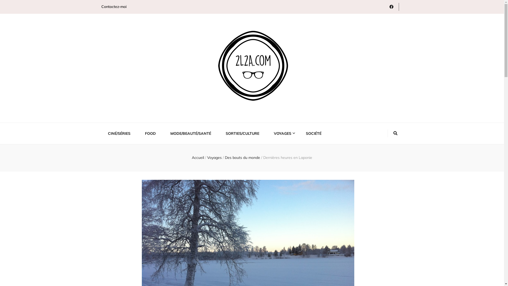 This screenshot has height=286, width=508. What do you see at coordinates (282, 133) in the screenshot?
I see `'VOYAGES'` at bounding box center [282, 133].